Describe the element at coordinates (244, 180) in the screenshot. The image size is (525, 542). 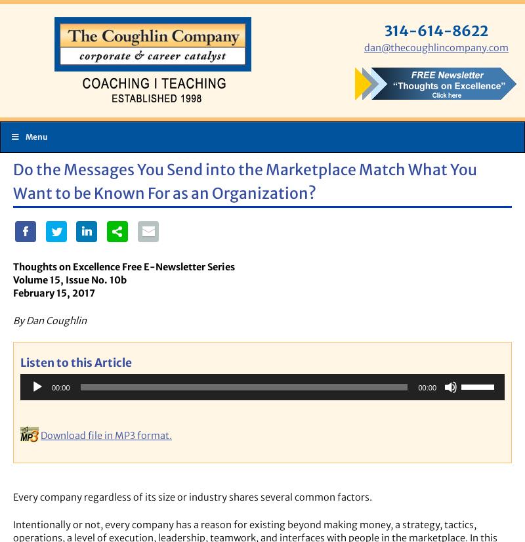
I see `'Do the Messages You Send into the Marketplace Match  What You Want to be Known For as an Organization?'` at that location.